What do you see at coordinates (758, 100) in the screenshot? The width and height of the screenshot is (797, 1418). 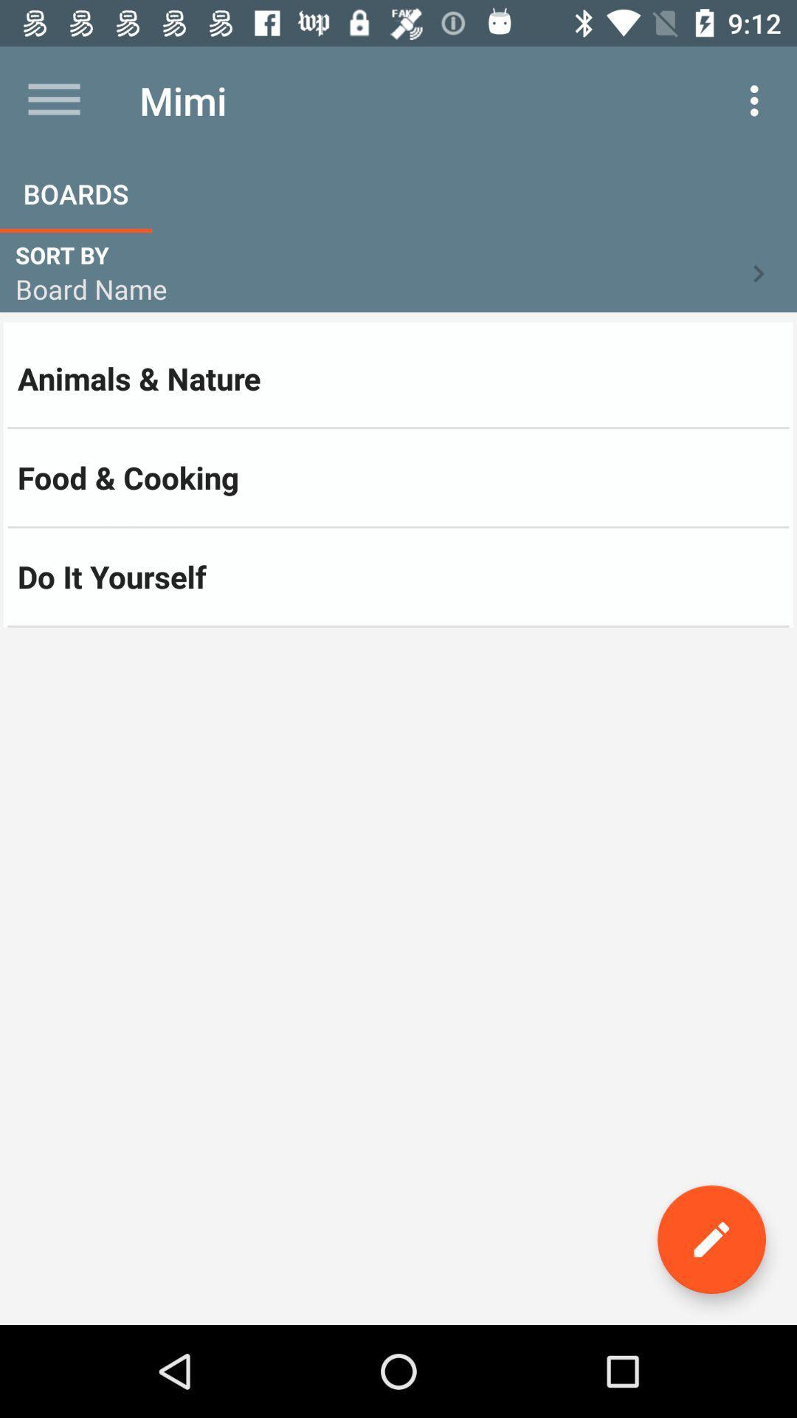 I see `item to the right of mimi` at bounding box center [758, 100].